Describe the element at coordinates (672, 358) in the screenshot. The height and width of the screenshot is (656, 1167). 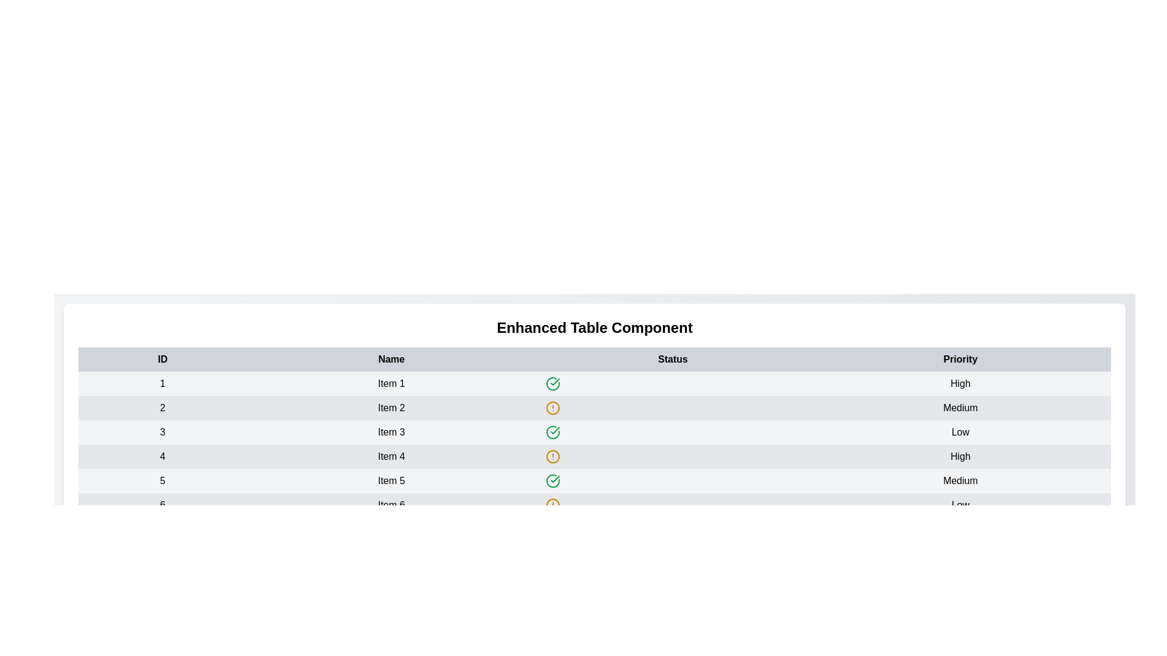
I see `the Status table header to sort the data` at that location.